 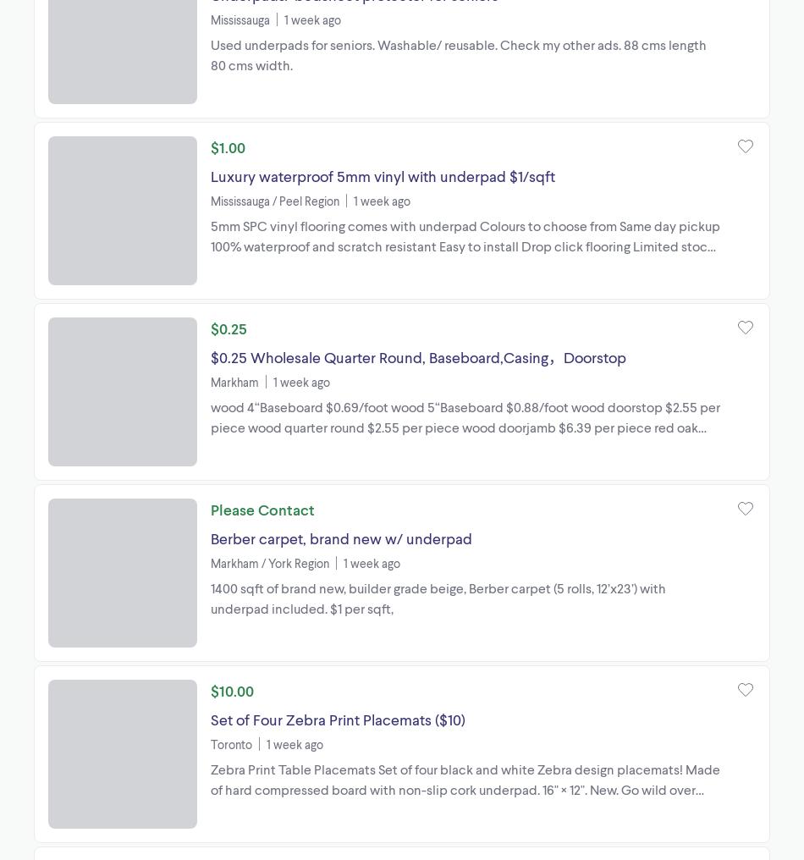 I want to click on 'Used underpads for seniors. Washable/ reusable. Check my other ads. 88 cms length 80 cms width.', so click(x=458, y=52).